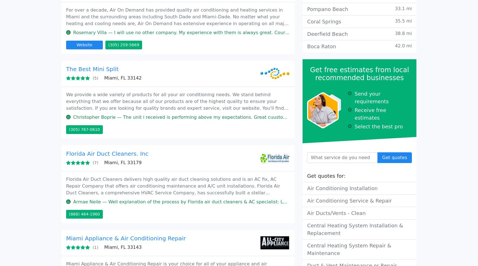  What do you see at coordinates (106, 104) in the screenshot?
I see `'Miami, FL 33169'` at bounding box center [106, 104].